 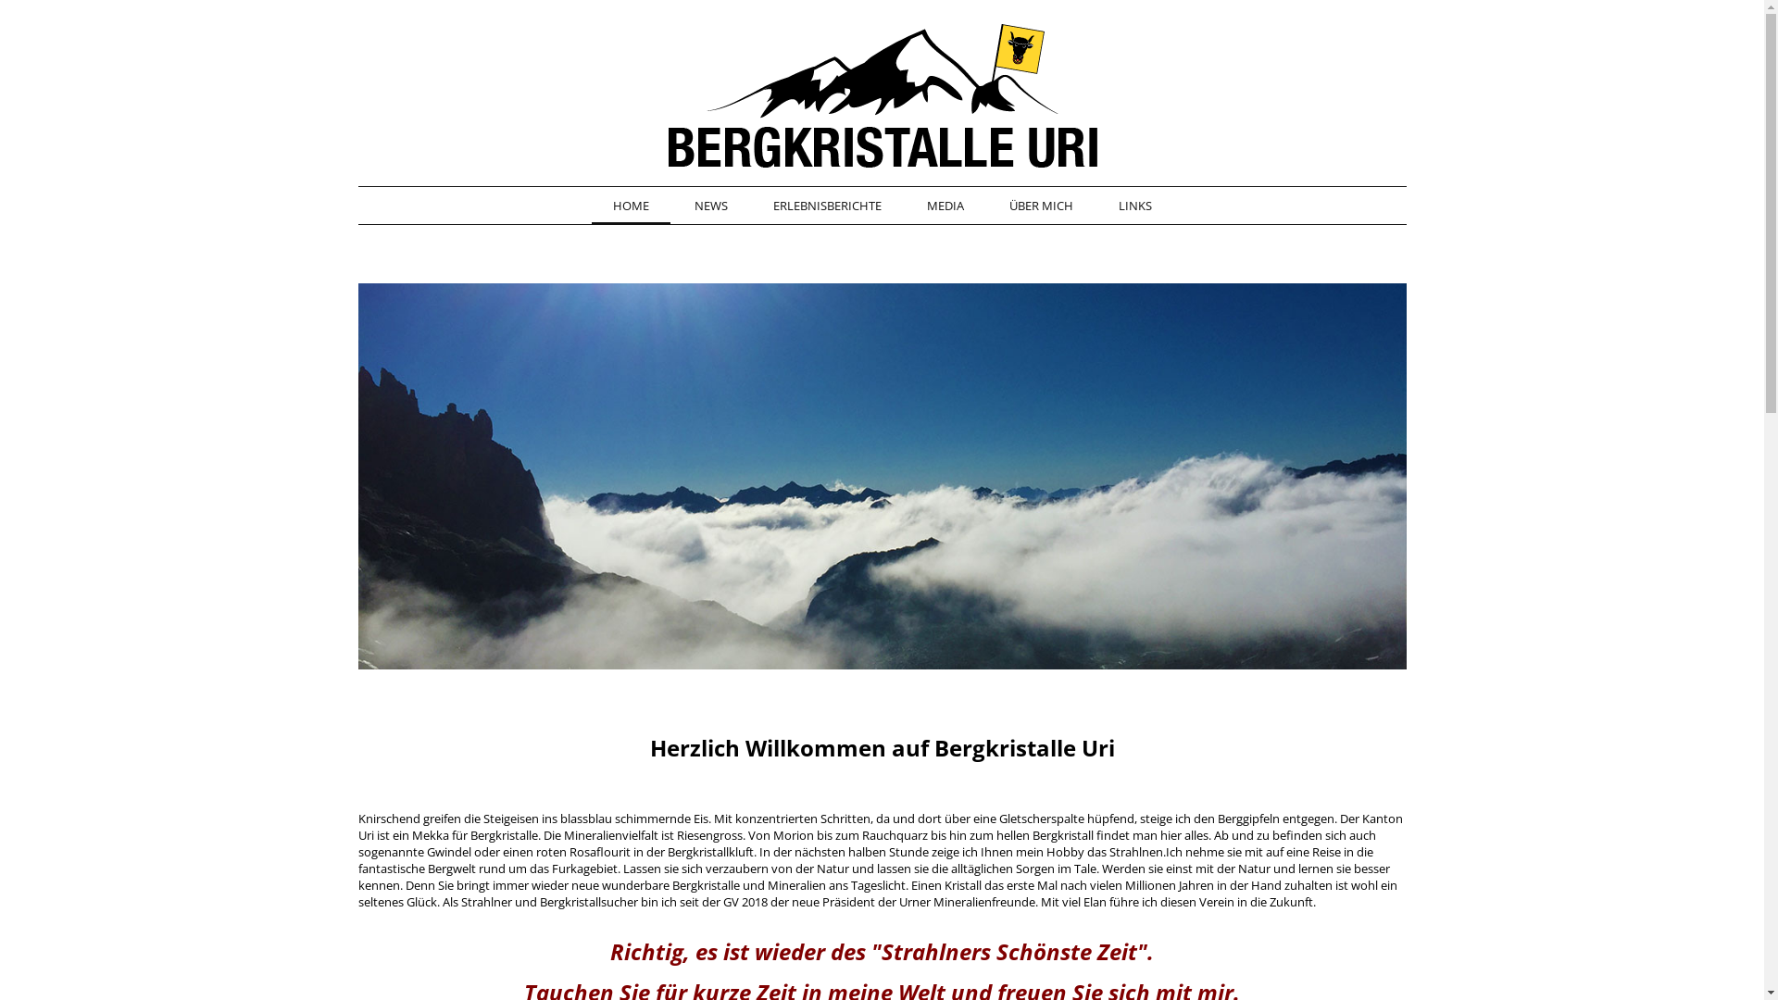 I want to click on 'ERLEBNISBERICHTE', so click(x=826, y=206).